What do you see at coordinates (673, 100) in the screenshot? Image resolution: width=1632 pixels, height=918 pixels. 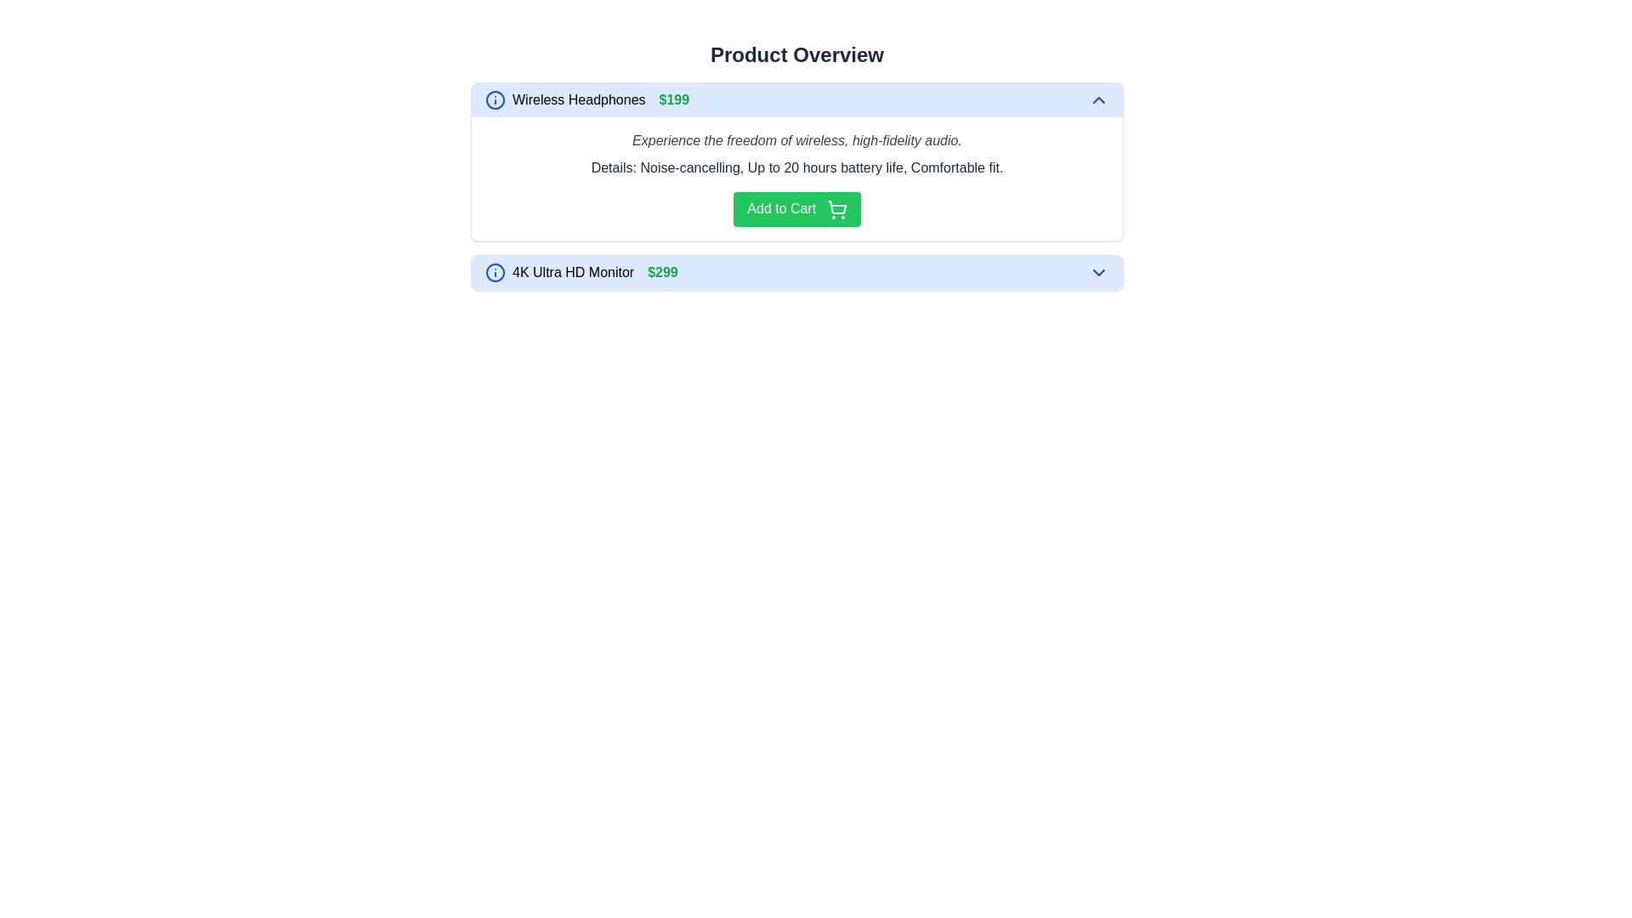 I see `the price text label for 'Wireless Headphones' located in the upper-right corner next to its title` at bounding box center [673, 100].